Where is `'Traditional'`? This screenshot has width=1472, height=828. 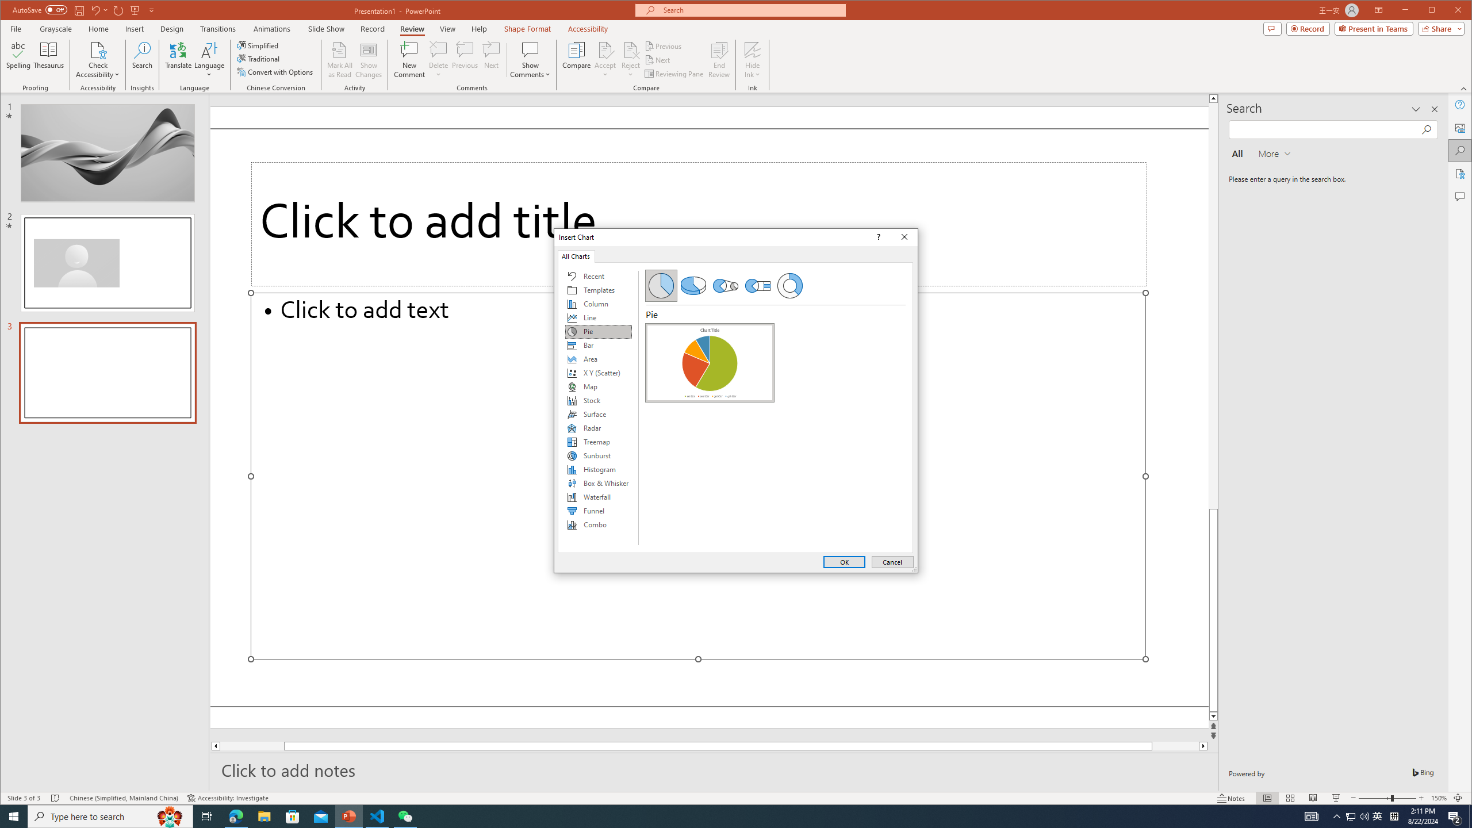
'Traditional' is located at coordinates (259, 59).